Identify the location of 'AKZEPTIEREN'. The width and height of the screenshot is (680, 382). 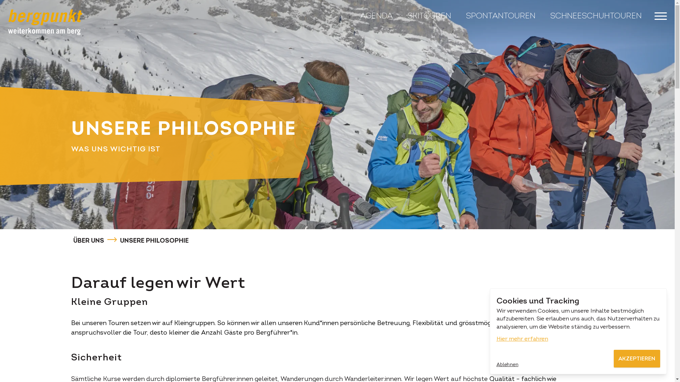
(636, 359).